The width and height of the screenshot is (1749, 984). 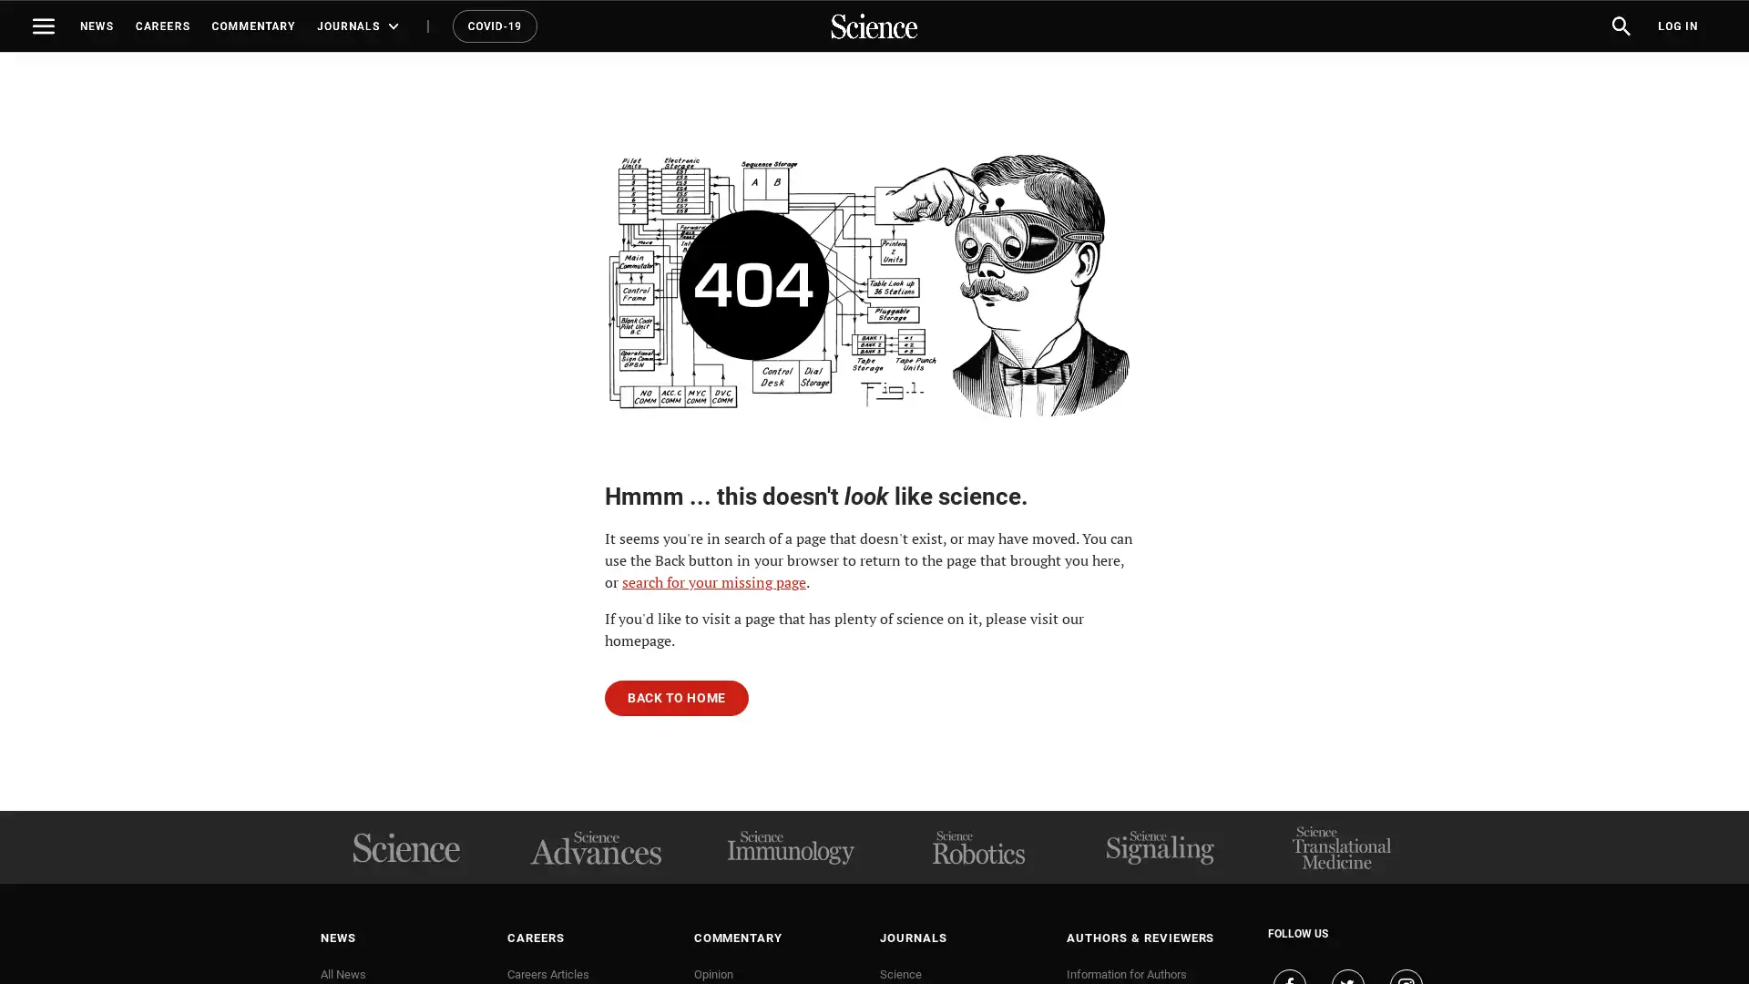 What do you see at coordinates (360, 26) in the screenshot?
I see `JOURNALS` at bounding box center [360, 26].